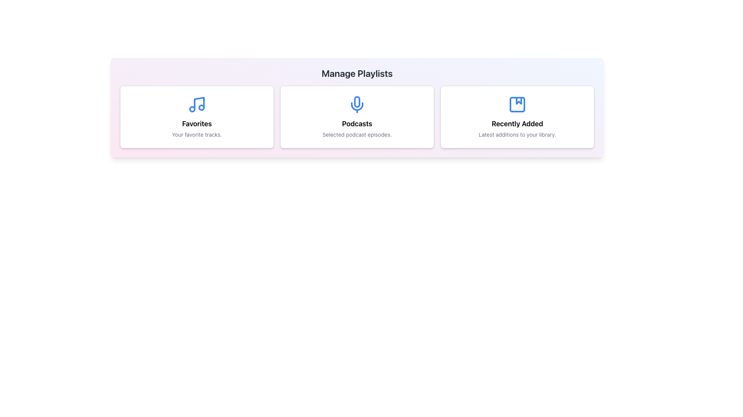 The image size is (743, 417). What do you see at coordinates (356, 123) in the screenshot?
I see `text from the label that says 'Podcasts', which is a large, bold, black text centrally aligned in the second column of the layout` at bounding box center [356, 123].